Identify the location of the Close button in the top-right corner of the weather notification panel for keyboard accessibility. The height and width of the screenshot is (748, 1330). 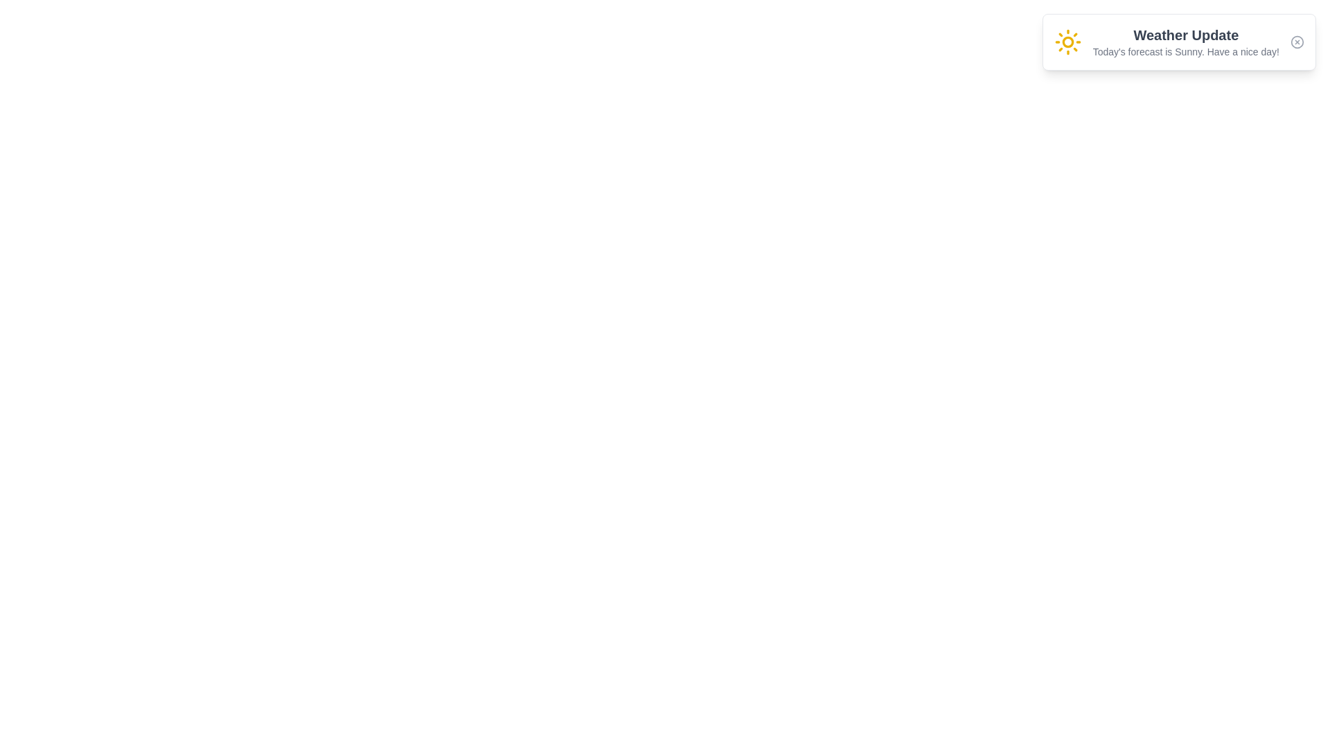
(1296, 42).